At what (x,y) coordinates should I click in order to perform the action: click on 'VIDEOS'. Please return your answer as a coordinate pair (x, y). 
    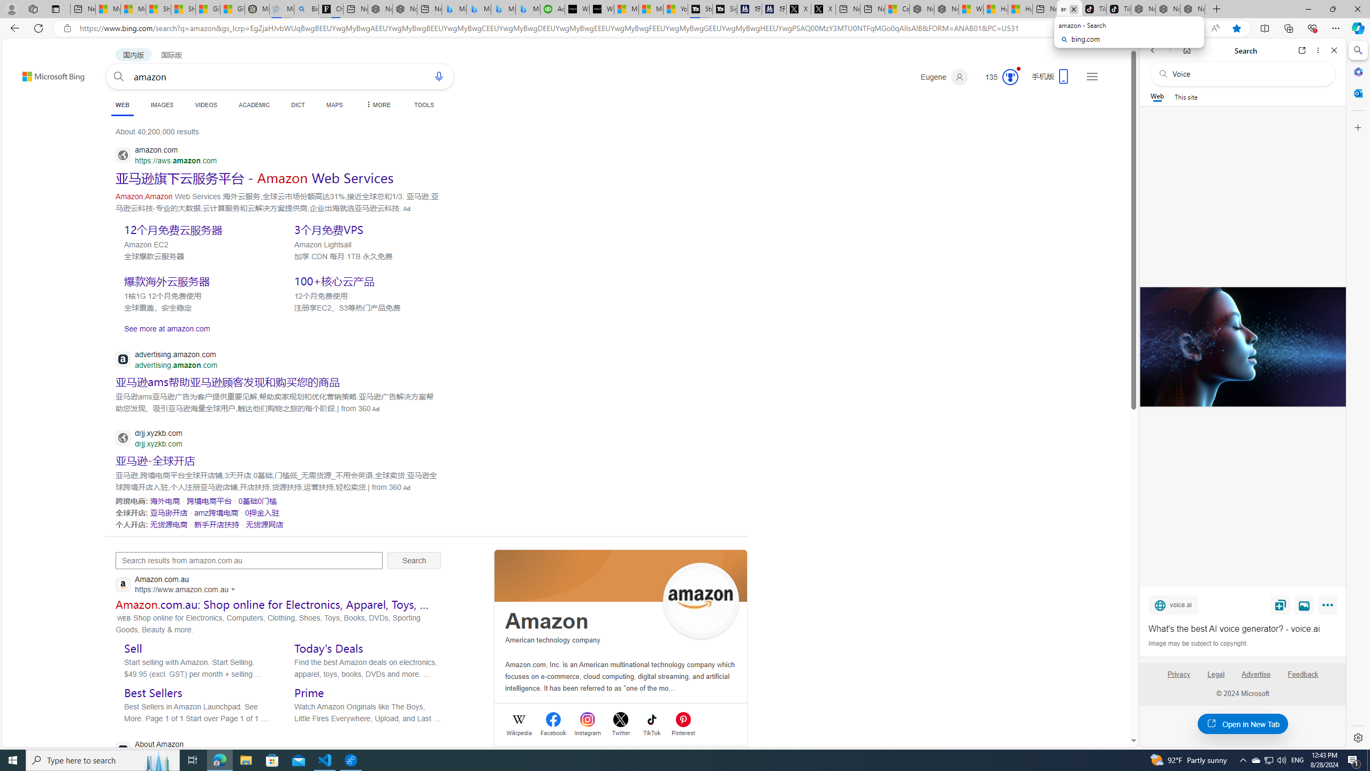
    Looking at the image, I should click on (205, 104).